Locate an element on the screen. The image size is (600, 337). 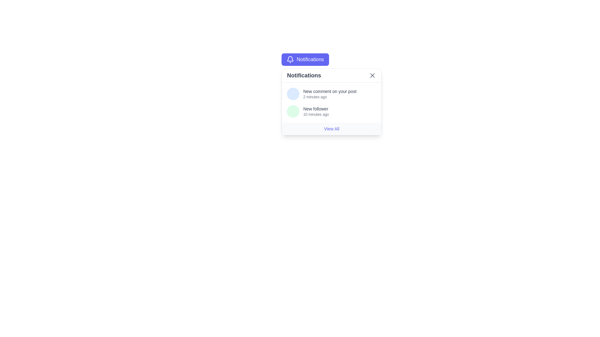
the static informational text displaying the timing of the 'New follower' activity, located below the 'New follower' text in the second notification entry of the notification panel is located at coordinates (316, 114).